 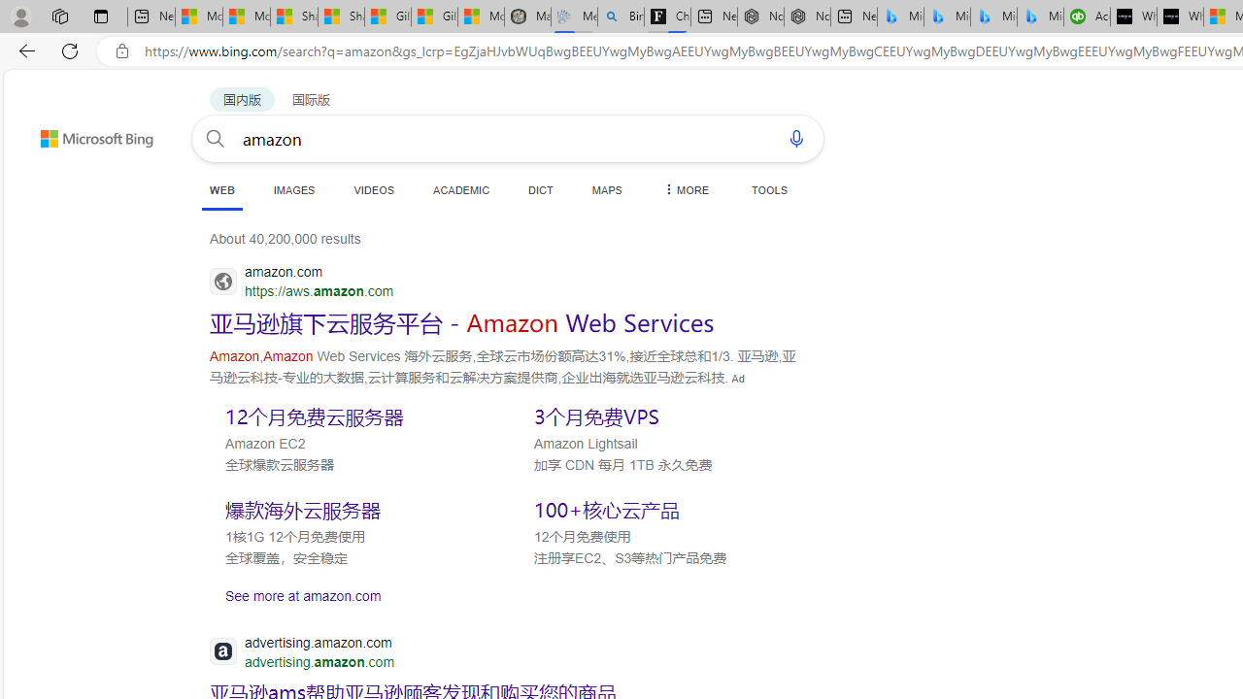 I want to click on 'VIDEOS', so click(x=374, y=189).